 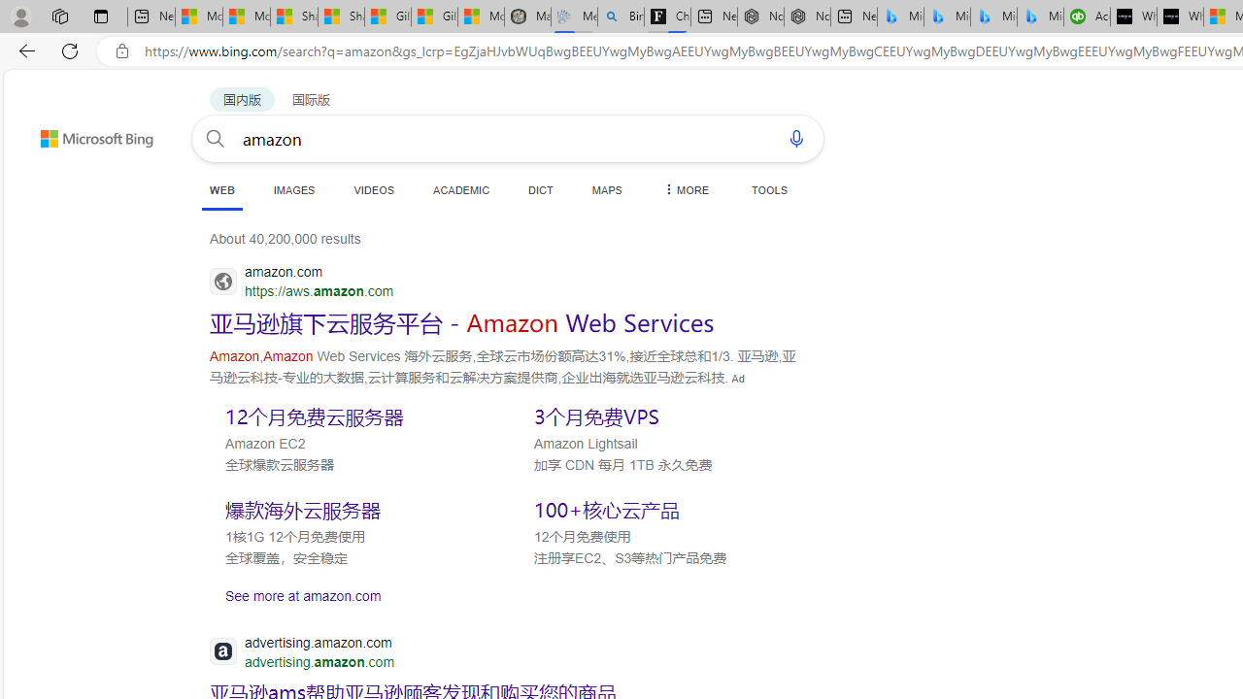 I want to click on 'VIDEOS', so click(x=374, y=189).